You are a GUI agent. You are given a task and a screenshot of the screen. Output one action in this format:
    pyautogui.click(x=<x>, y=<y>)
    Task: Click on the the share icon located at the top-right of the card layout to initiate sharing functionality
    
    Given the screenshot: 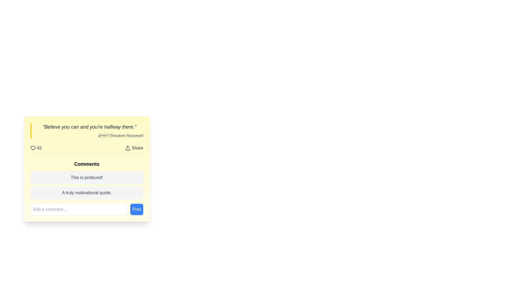 What is the action you would take?
    pyautogui.click(x=128, y=148)
    